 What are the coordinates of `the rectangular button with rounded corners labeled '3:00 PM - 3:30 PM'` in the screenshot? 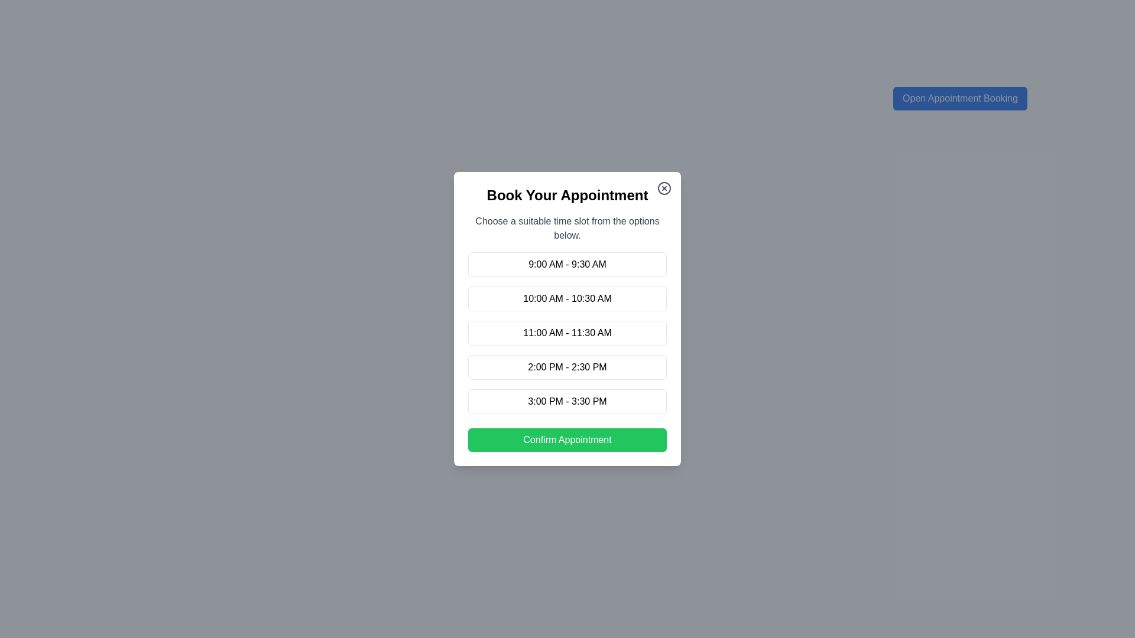 It's located at (567, 401).